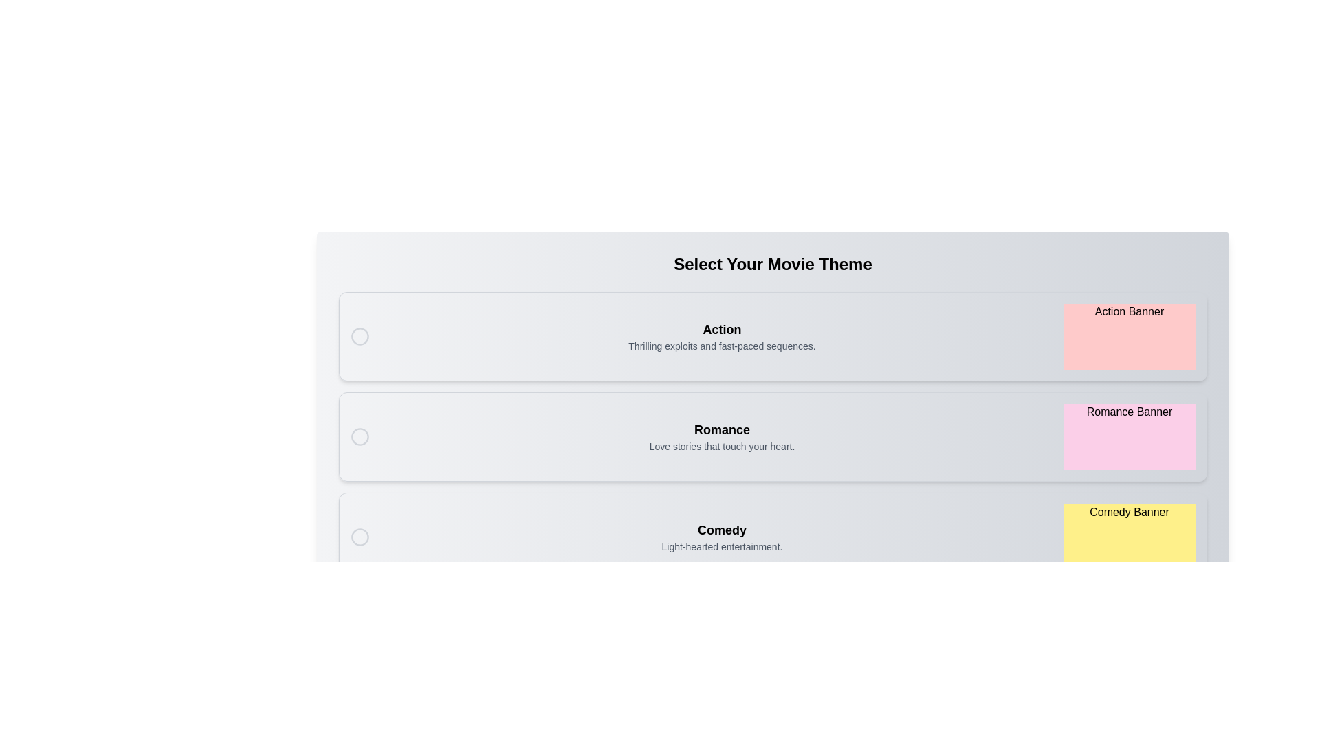 The image size is (1320, 742). What do you see at coordinates (360, 336) in the screenshot?
I see `the radio button located in the top-left corner of the 'Action' selection card` at bounding box center [360, 336].